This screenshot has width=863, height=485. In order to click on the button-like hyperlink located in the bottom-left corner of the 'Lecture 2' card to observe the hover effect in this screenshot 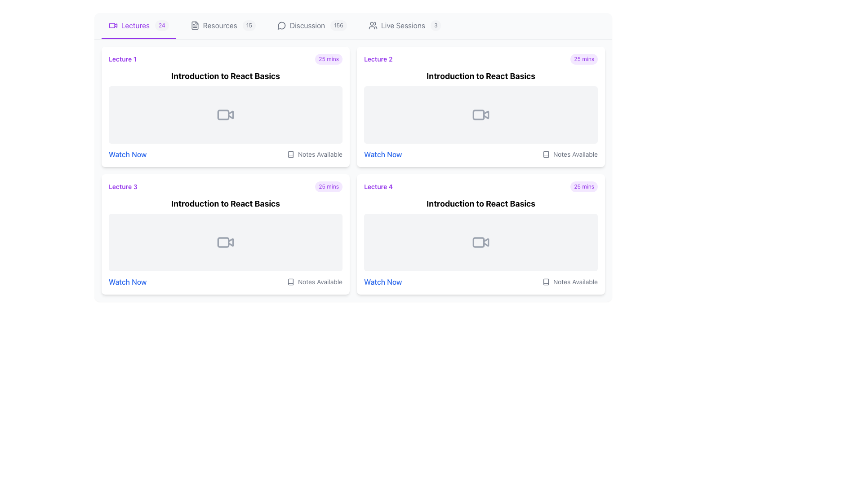, I will do `click(383, 154)`.